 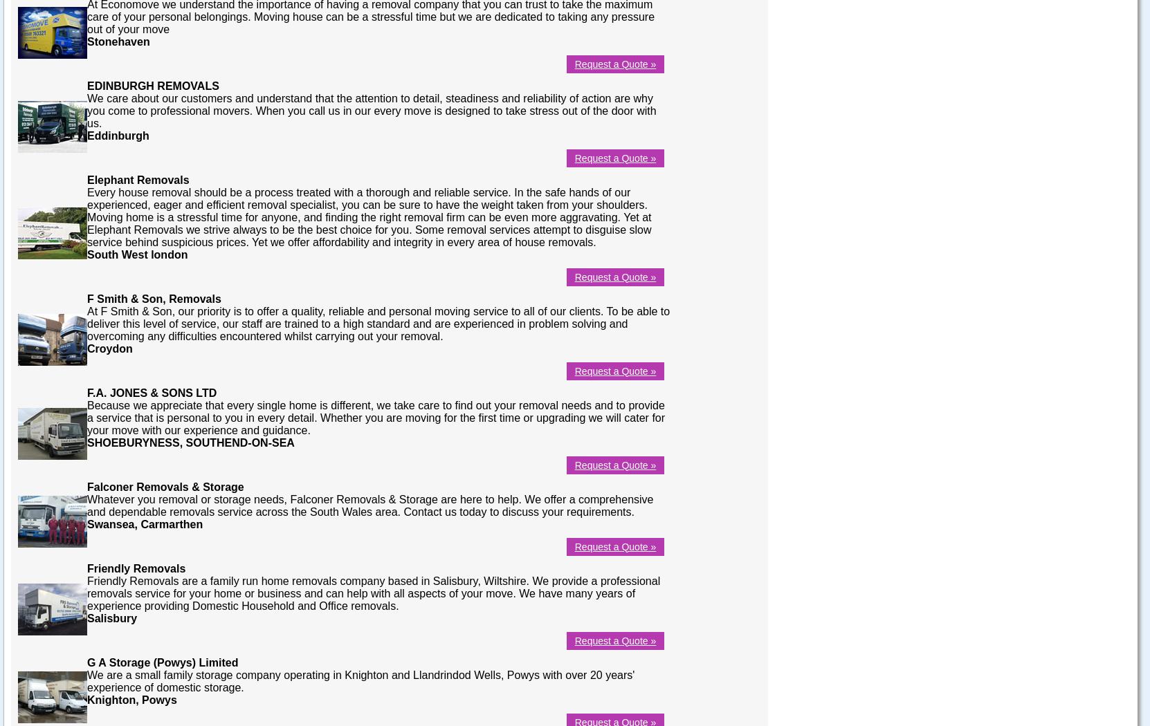 What do you see at coordinates (117, 134) in the screenshot?
I see `'Eddinburgh'` at bounding box center [117, 134].